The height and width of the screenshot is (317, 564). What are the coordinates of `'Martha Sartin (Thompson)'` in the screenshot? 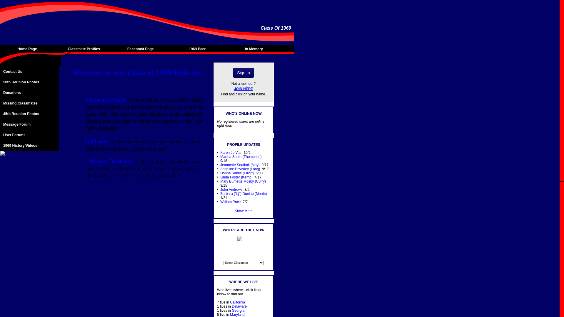 It's located at (241, 156).